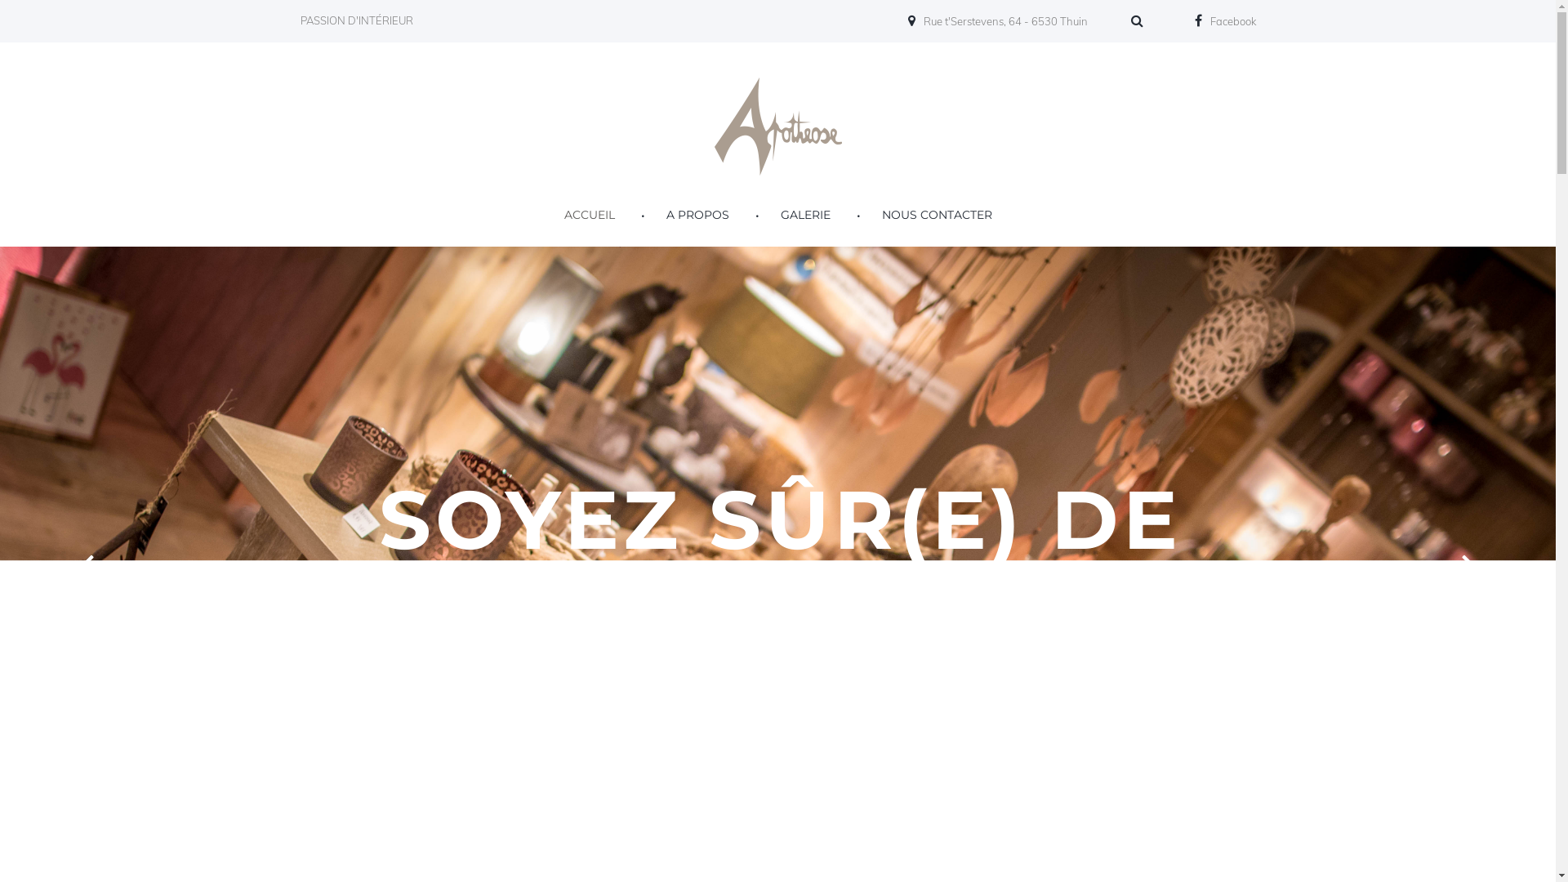 The width and height of the screenshot is (1568, 882). I want to click on 'NOUS CONTACTER', so click(937, 213).